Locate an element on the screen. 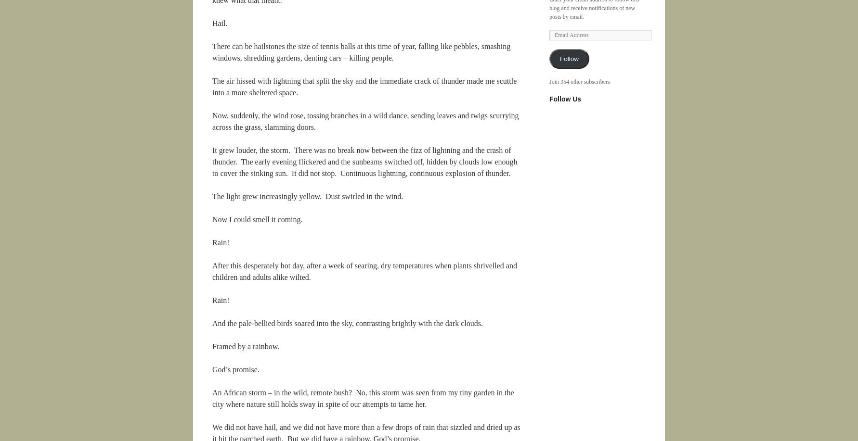 This screenshot has height=441, width=858. 'The light grew increasingly yellow.  Dust swirled in the wind.' is located at coordinates (307, 196).